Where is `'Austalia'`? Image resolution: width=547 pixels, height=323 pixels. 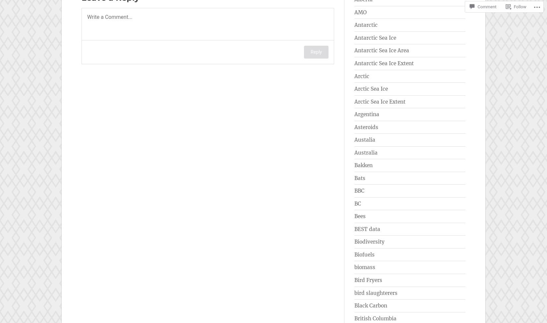
'Austalia' is located at coordinates (365, 139).